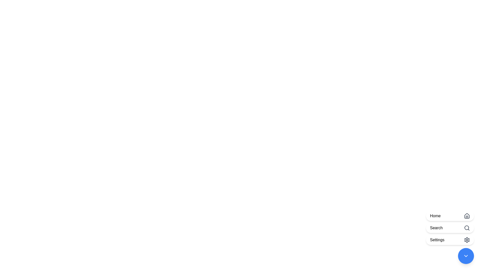 The image size is (480, 270). I want to click on the 'Search' text label located inside the second item of the vertical menu, which is positioned to the left of the search icon, so click(436, 228).